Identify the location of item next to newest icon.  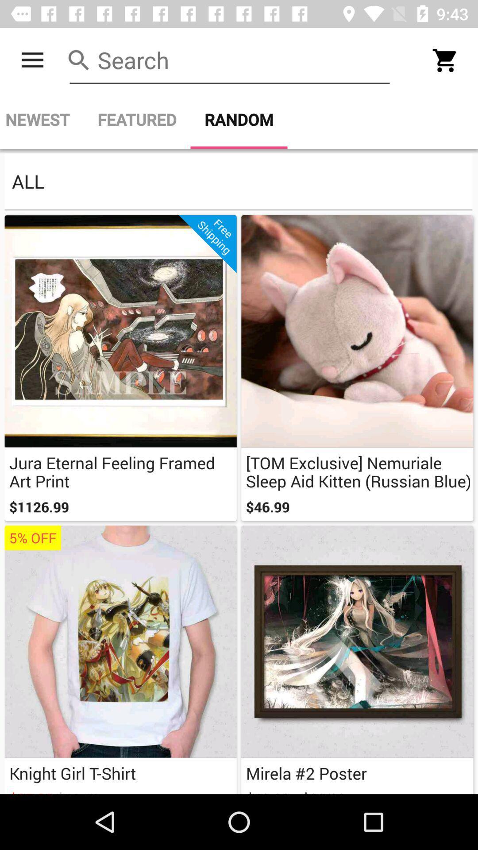
(137, 119).